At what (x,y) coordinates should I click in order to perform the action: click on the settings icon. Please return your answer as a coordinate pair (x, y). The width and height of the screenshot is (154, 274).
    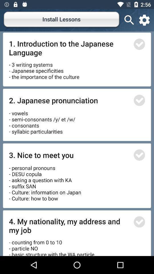
    Looking at the image, I should click on (144, 20).